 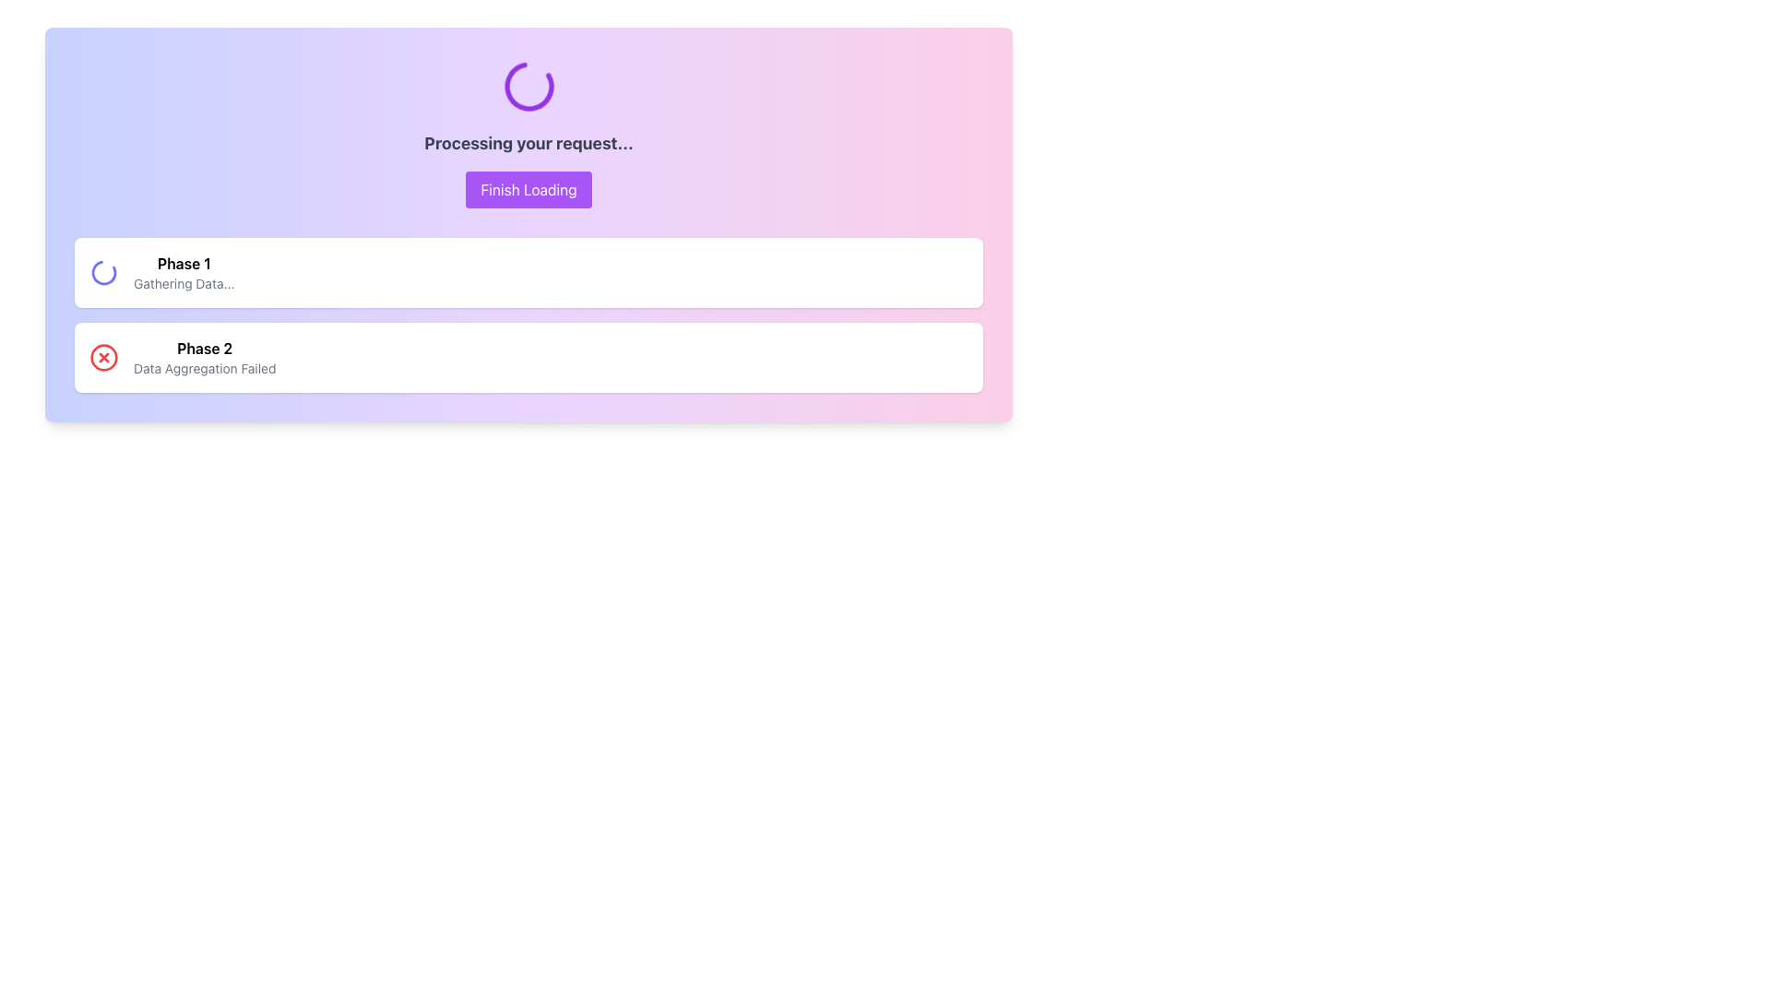 I want to click on the 'Phase 1' text label, which is displayed in bold font style and indicates emphasis as part of a sequence of related information, so click(x=184, y=263).